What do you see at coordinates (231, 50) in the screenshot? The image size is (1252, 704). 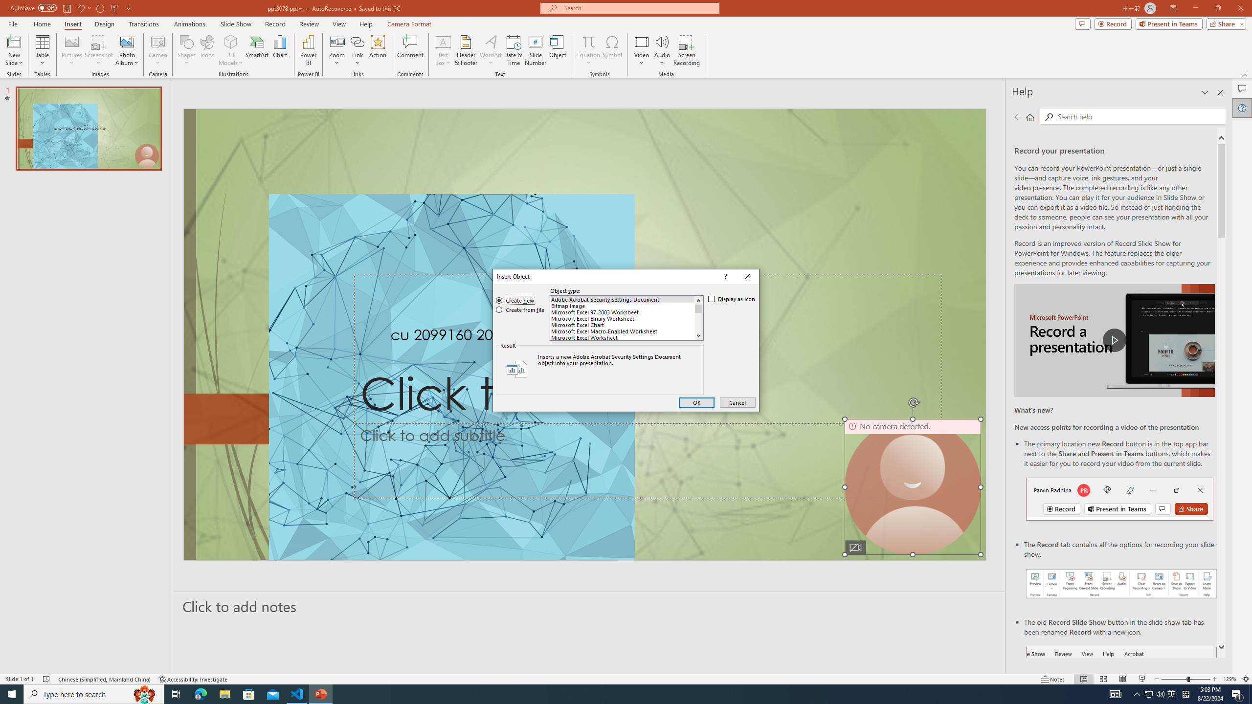 I see `'3D Models'` at bounding box center [231, 50].